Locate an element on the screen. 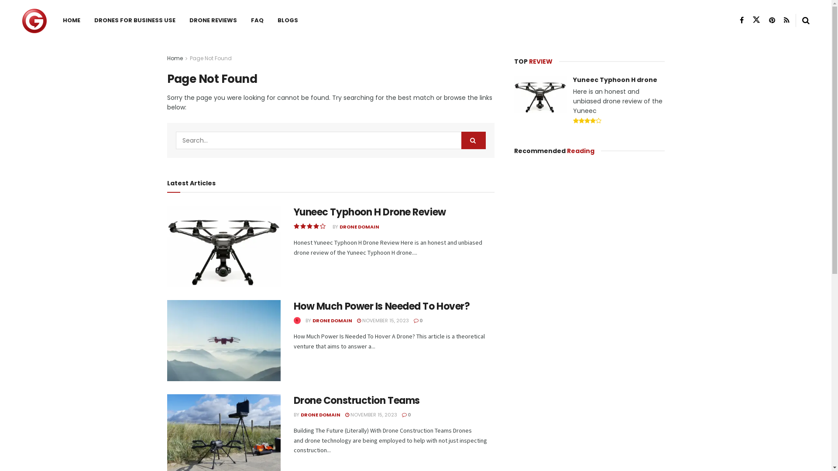 The height and width of the screenshot is (471, 838). 'DRONE REVIEWS' is located at coordinates (213, 20).